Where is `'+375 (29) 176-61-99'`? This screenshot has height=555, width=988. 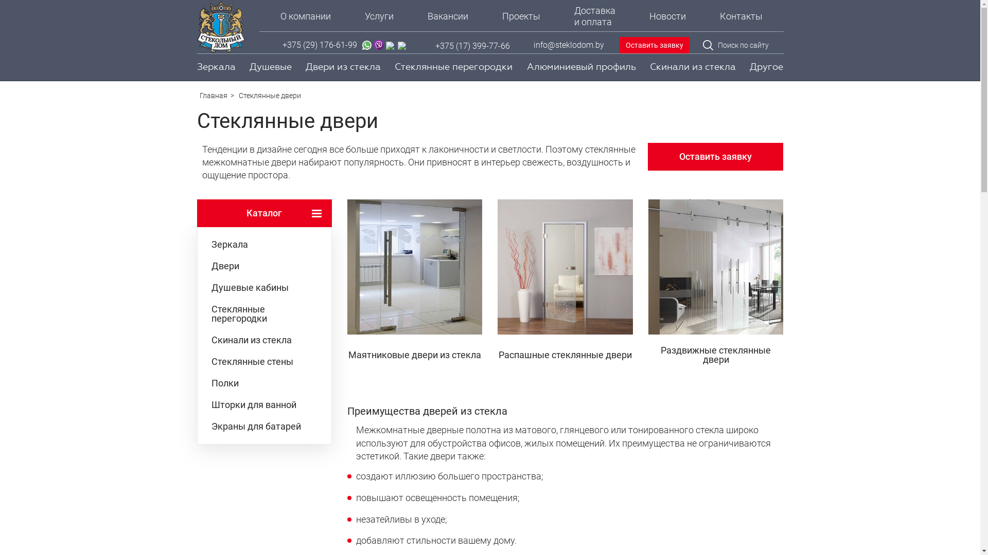 '+375 (29) 176-61-99' is located at coordinates (319, 45).